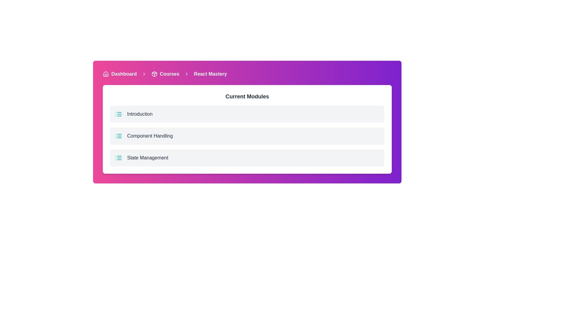 The width and height of the screenshot is (584, 328). What do you see at coordinates (169, 73) in the screenshot?
I see `the breadcrumb hyperlink that redirects to the 'Courses' section to visualize the underline effect` at bounding box center [169, 73].